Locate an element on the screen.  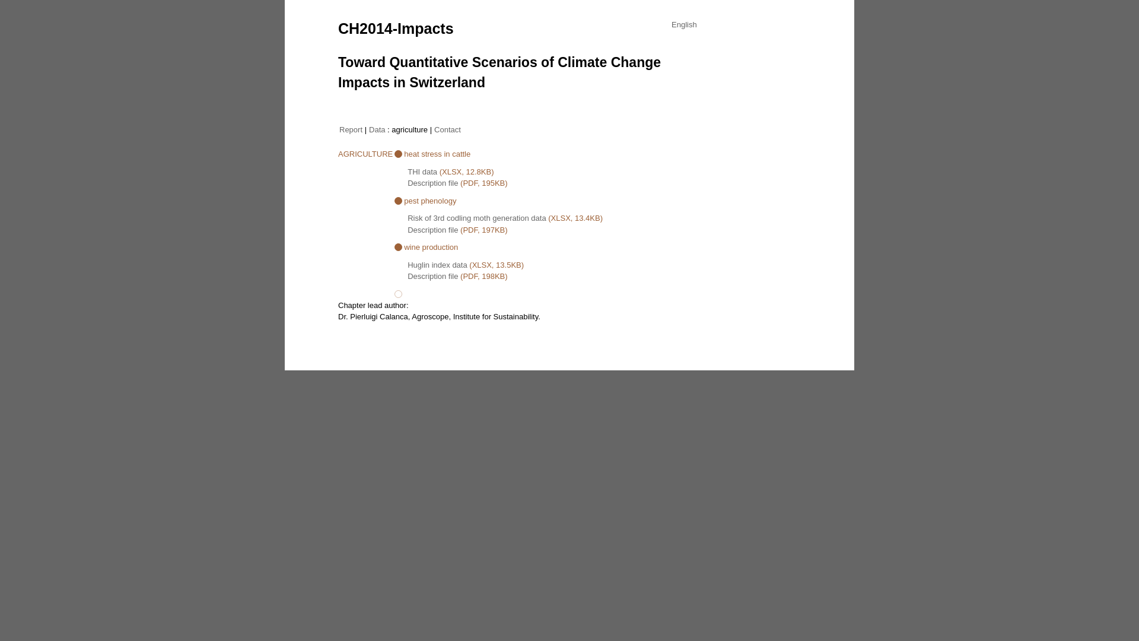
'Report' is located at coordinates (350, 129).